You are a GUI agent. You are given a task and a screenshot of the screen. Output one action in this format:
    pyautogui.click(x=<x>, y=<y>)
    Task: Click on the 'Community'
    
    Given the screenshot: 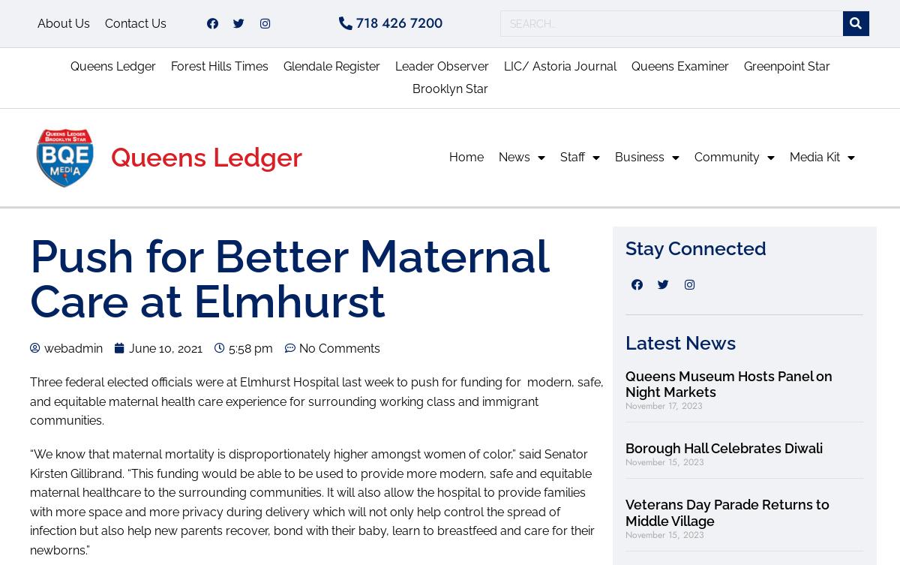 What is the action you would take?
    pyautogui.click(x=727, y=155)
    